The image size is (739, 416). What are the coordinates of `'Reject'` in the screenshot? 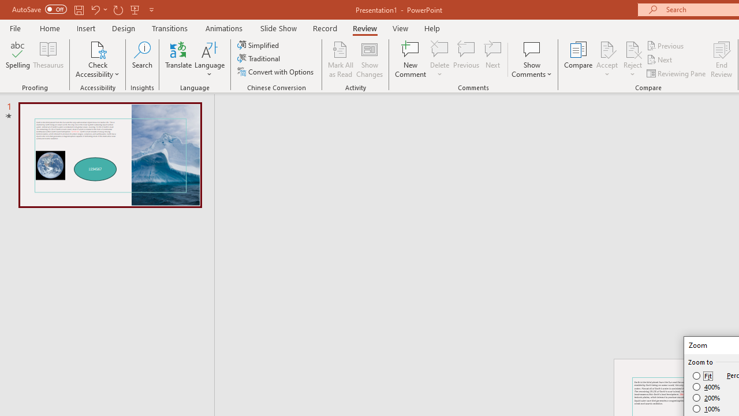 It's located at (632, 60).